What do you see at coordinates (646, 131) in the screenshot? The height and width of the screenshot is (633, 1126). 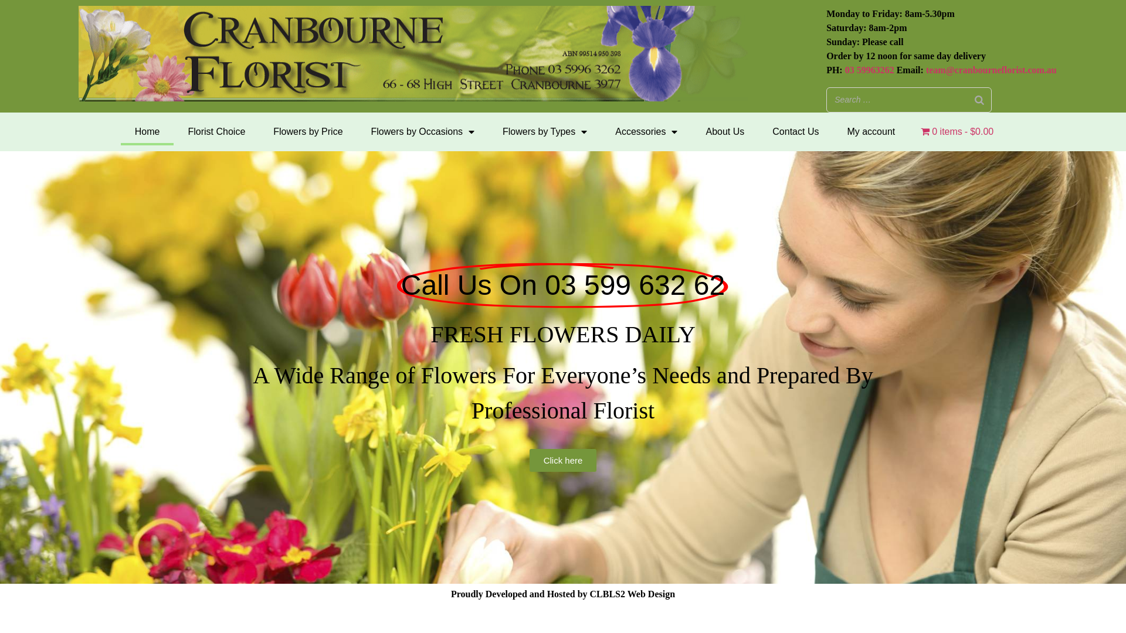 I see `'Accessories'` at bounding box center [646, 131].